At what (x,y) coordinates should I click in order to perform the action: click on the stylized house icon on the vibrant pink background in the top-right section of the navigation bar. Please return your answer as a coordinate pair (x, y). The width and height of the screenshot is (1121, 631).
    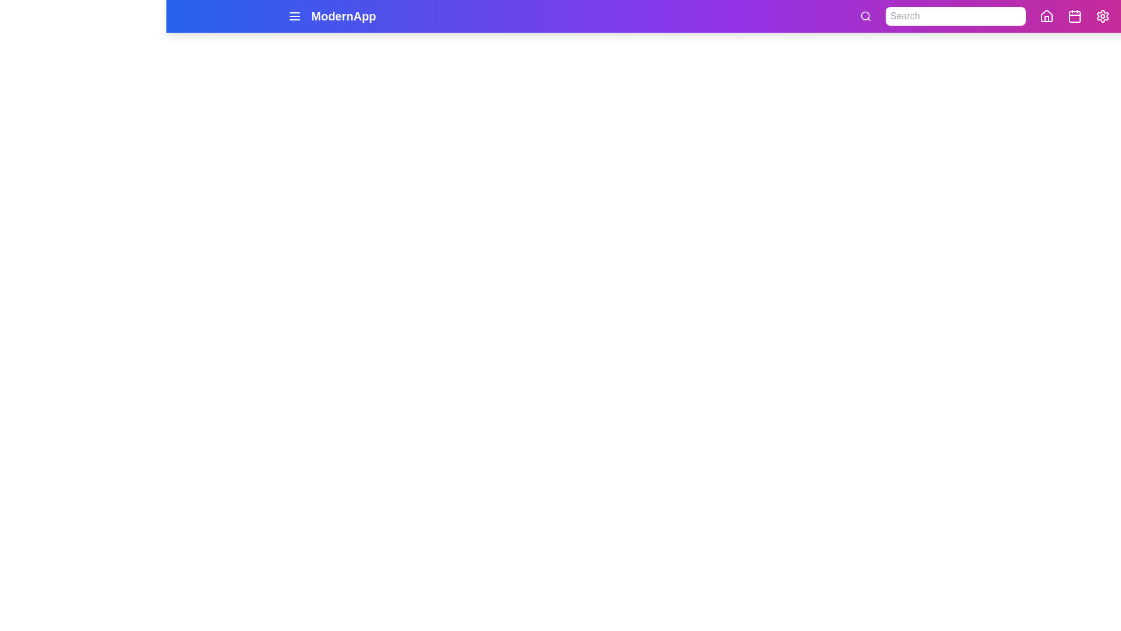
    Looking at the image, I should click on (1047, 16).